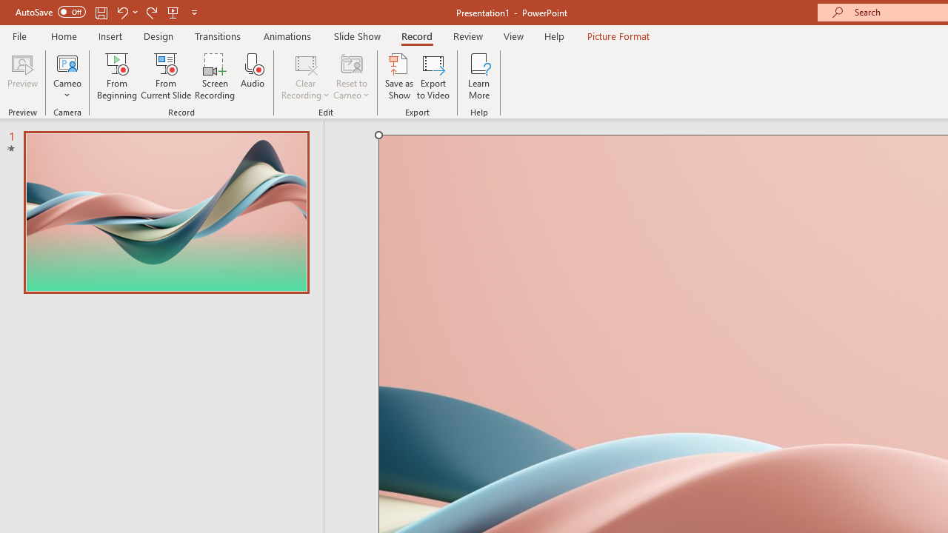  What do you see at coordinates (479, 76) in the screenshot?
I see `'Learn More'` at bounding box center [479, 76].